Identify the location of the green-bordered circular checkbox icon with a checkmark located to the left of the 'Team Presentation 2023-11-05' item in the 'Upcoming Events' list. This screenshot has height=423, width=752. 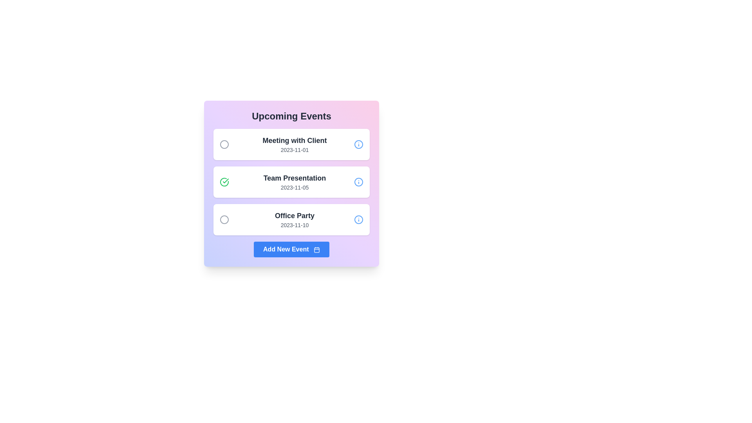
(224, 182).